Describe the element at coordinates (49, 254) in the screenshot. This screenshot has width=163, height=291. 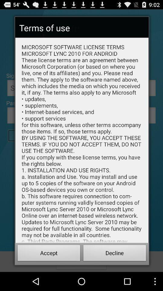
I see `icon at the bottom left corner` at that location.